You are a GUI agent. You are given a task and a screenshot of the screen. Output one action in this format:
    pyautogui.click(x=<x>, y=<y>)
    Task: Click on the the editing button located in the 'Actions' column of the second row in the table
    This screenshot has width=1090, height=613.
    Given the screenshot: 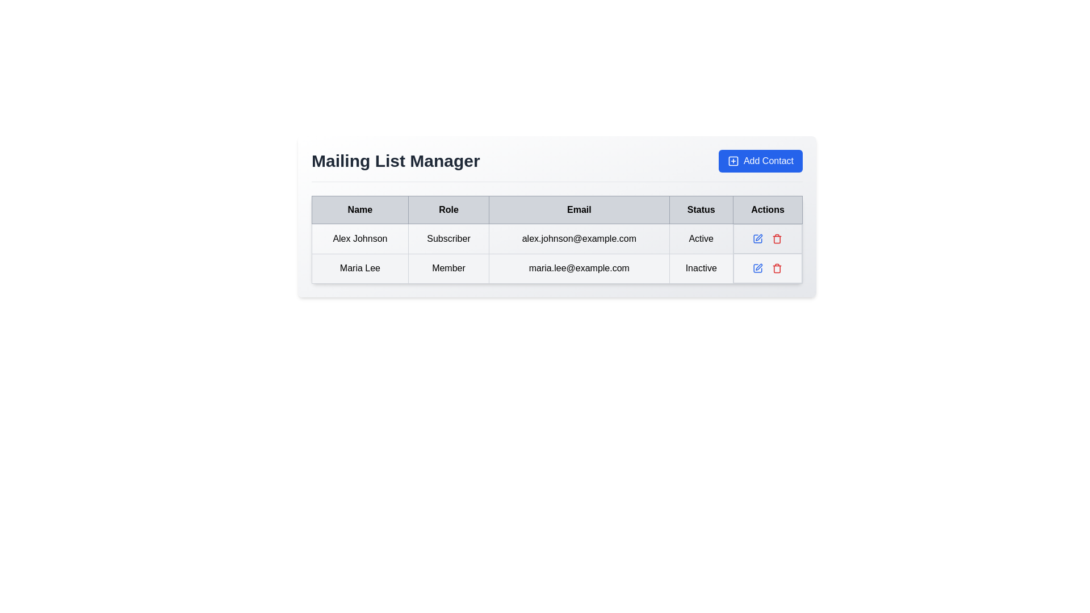 What is the action you would take?
    pyautogui.click(x=758, y=238)
    